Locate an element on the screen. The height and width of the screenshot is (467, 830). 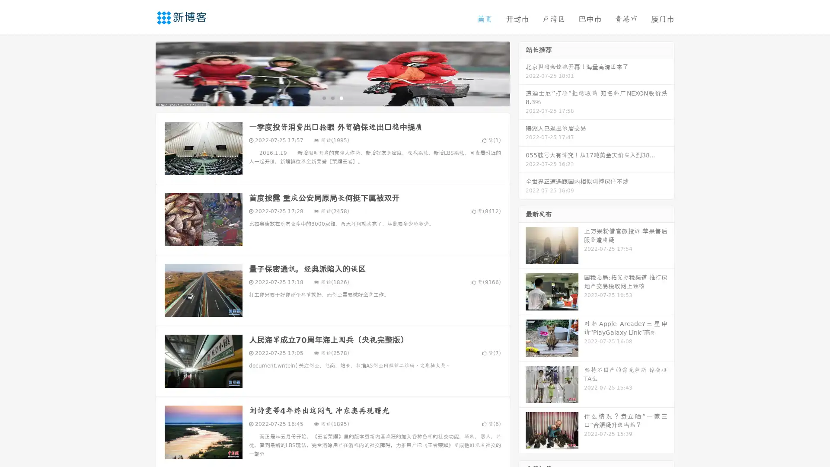
Next slide is located at coordinates (522, 73).